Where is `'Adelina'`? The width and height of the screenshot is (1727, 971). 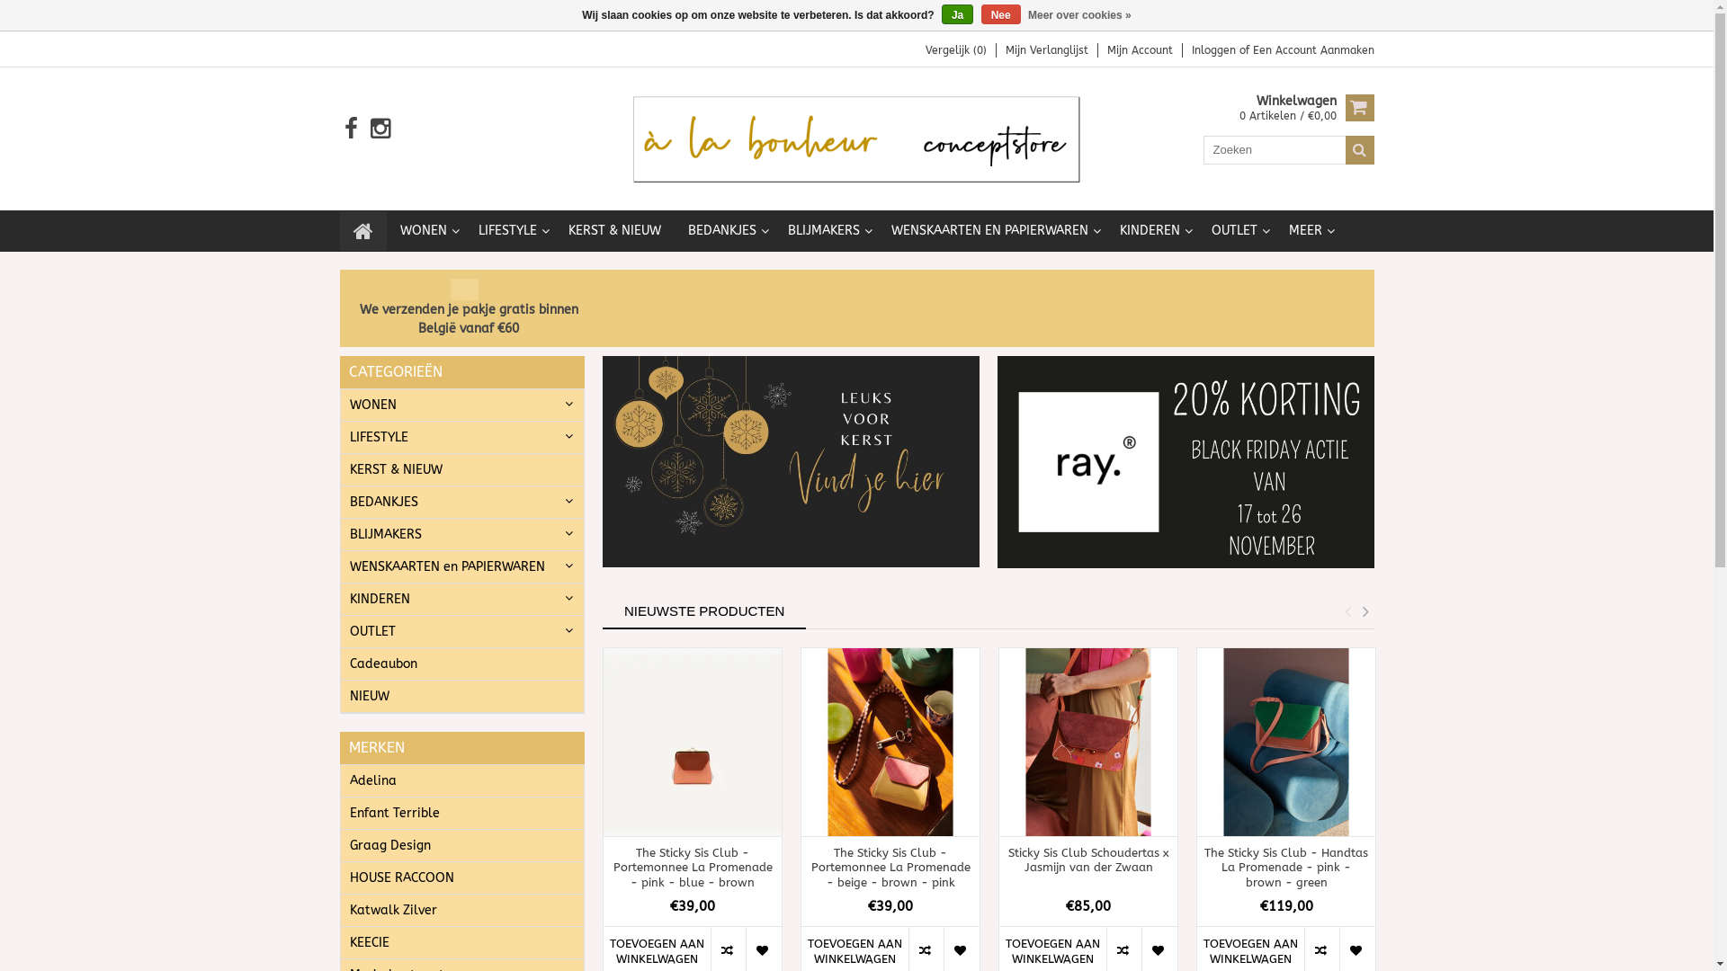
'Adelina' is located at coordinates (461, 779).